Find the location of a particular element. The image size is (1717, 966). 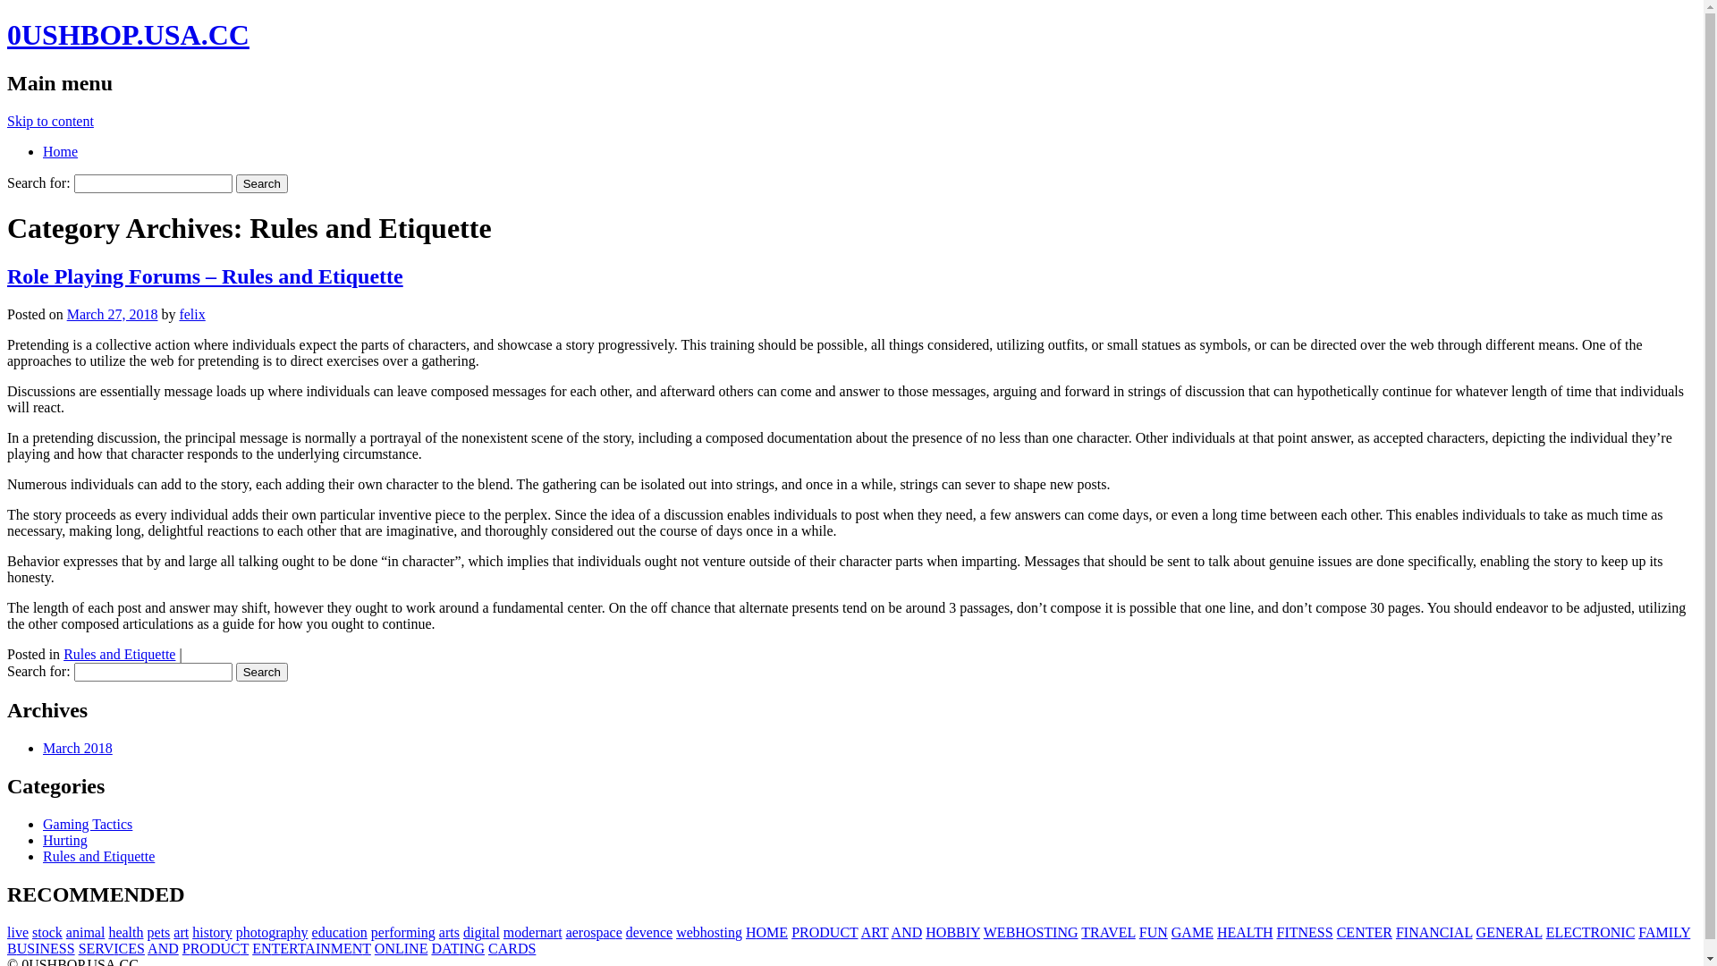

's' is located at coordinates (716, 931).